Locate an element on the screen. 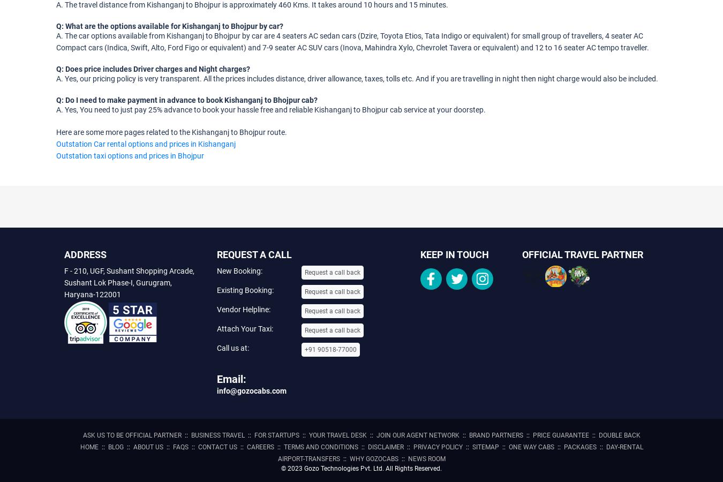  '+91 90518-77000' is located at coordinates (330, 349).